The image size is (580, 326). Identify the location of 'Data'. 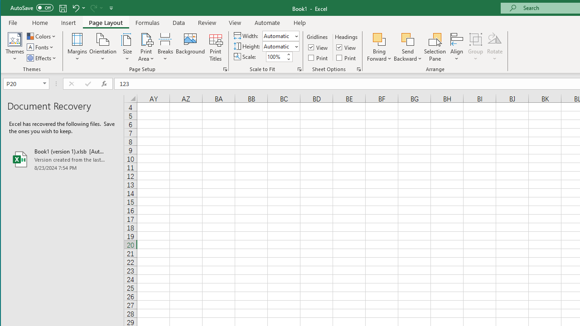
(179, 22).